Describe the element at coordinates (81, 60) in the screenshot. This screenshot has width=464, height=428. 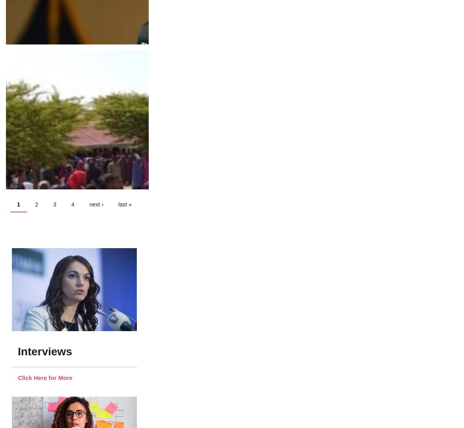
I see `'Hope for women in Fiji's 2022/2023 general election'` at that location.